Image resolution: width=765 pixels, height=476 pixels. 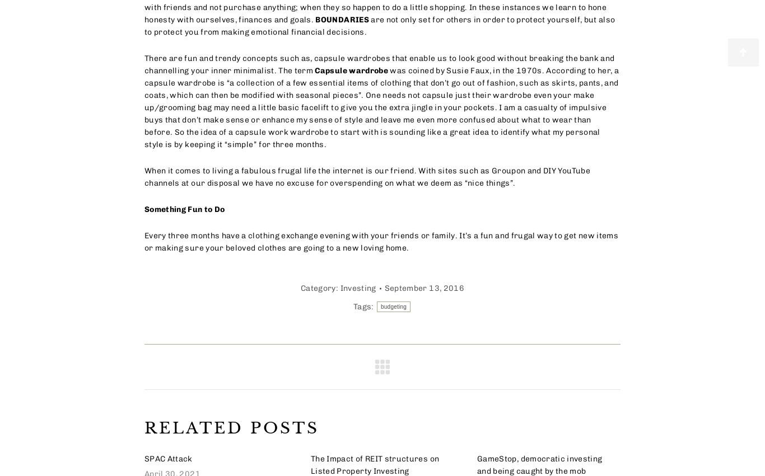 What do you see at coordinates (380, 242) in the screenshot?
I see `'Every three months have a clothing exchange evening with your friends or family. It’s a fun and frugal way to get new items or making sure your beloved clothes are going to a new loving home.'` at bounding box center [380, 242].